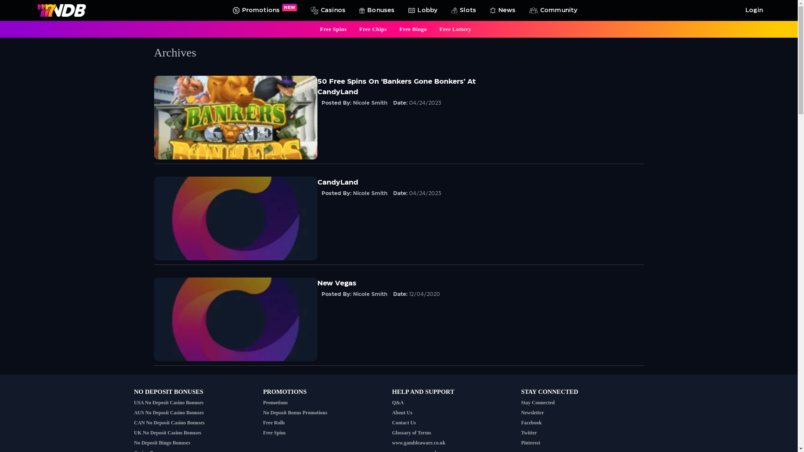 This screenshot has height=452, width=804. I want to click on 'PromotionsNEW', so click(263, 10).